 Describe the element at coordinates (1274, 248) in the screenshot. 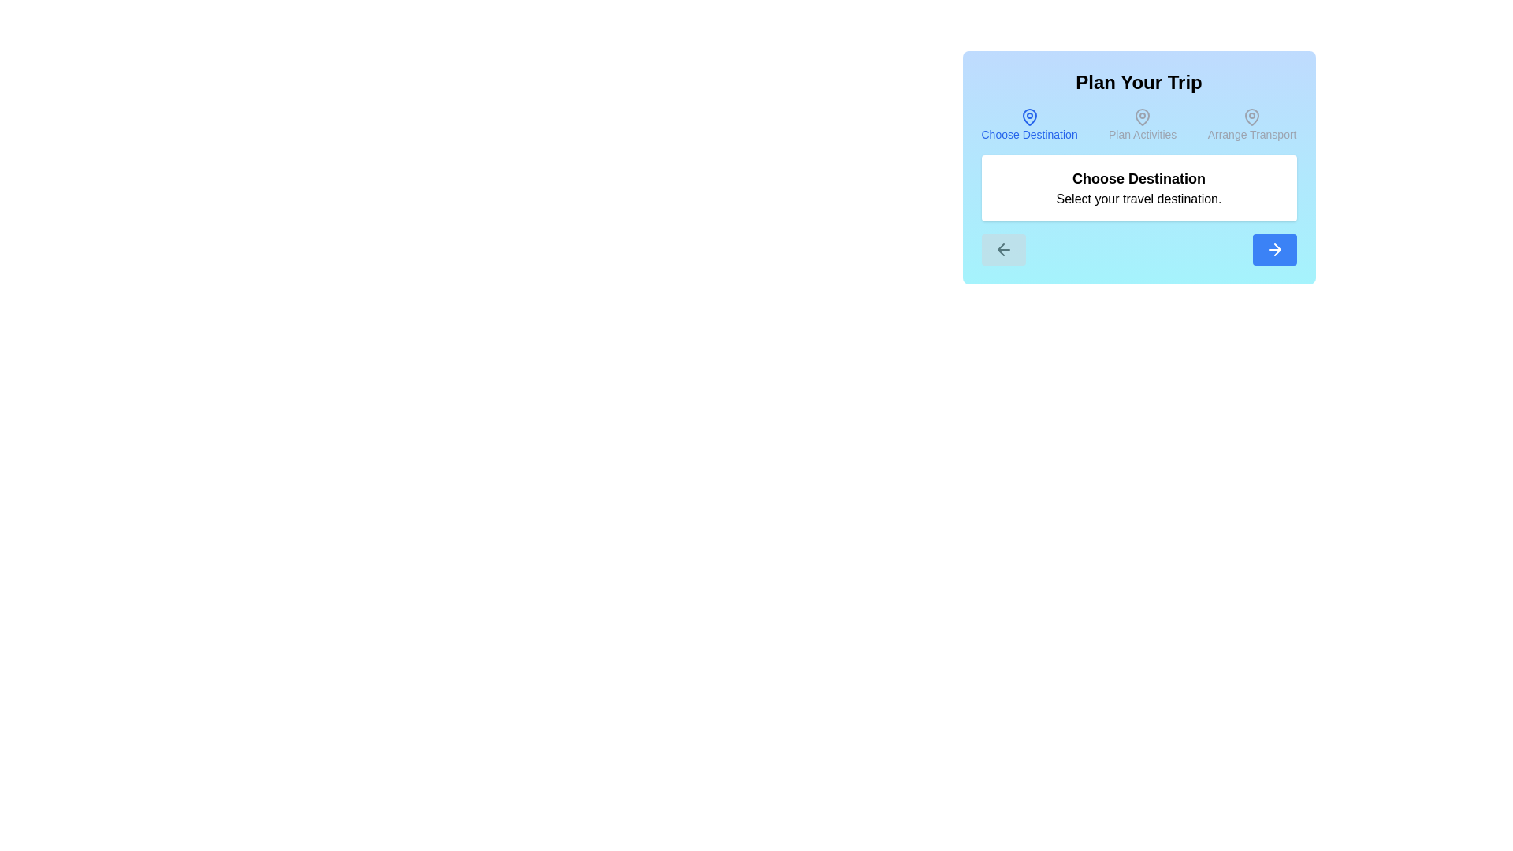

I see `right arrow button to advance to the next step` at that location.